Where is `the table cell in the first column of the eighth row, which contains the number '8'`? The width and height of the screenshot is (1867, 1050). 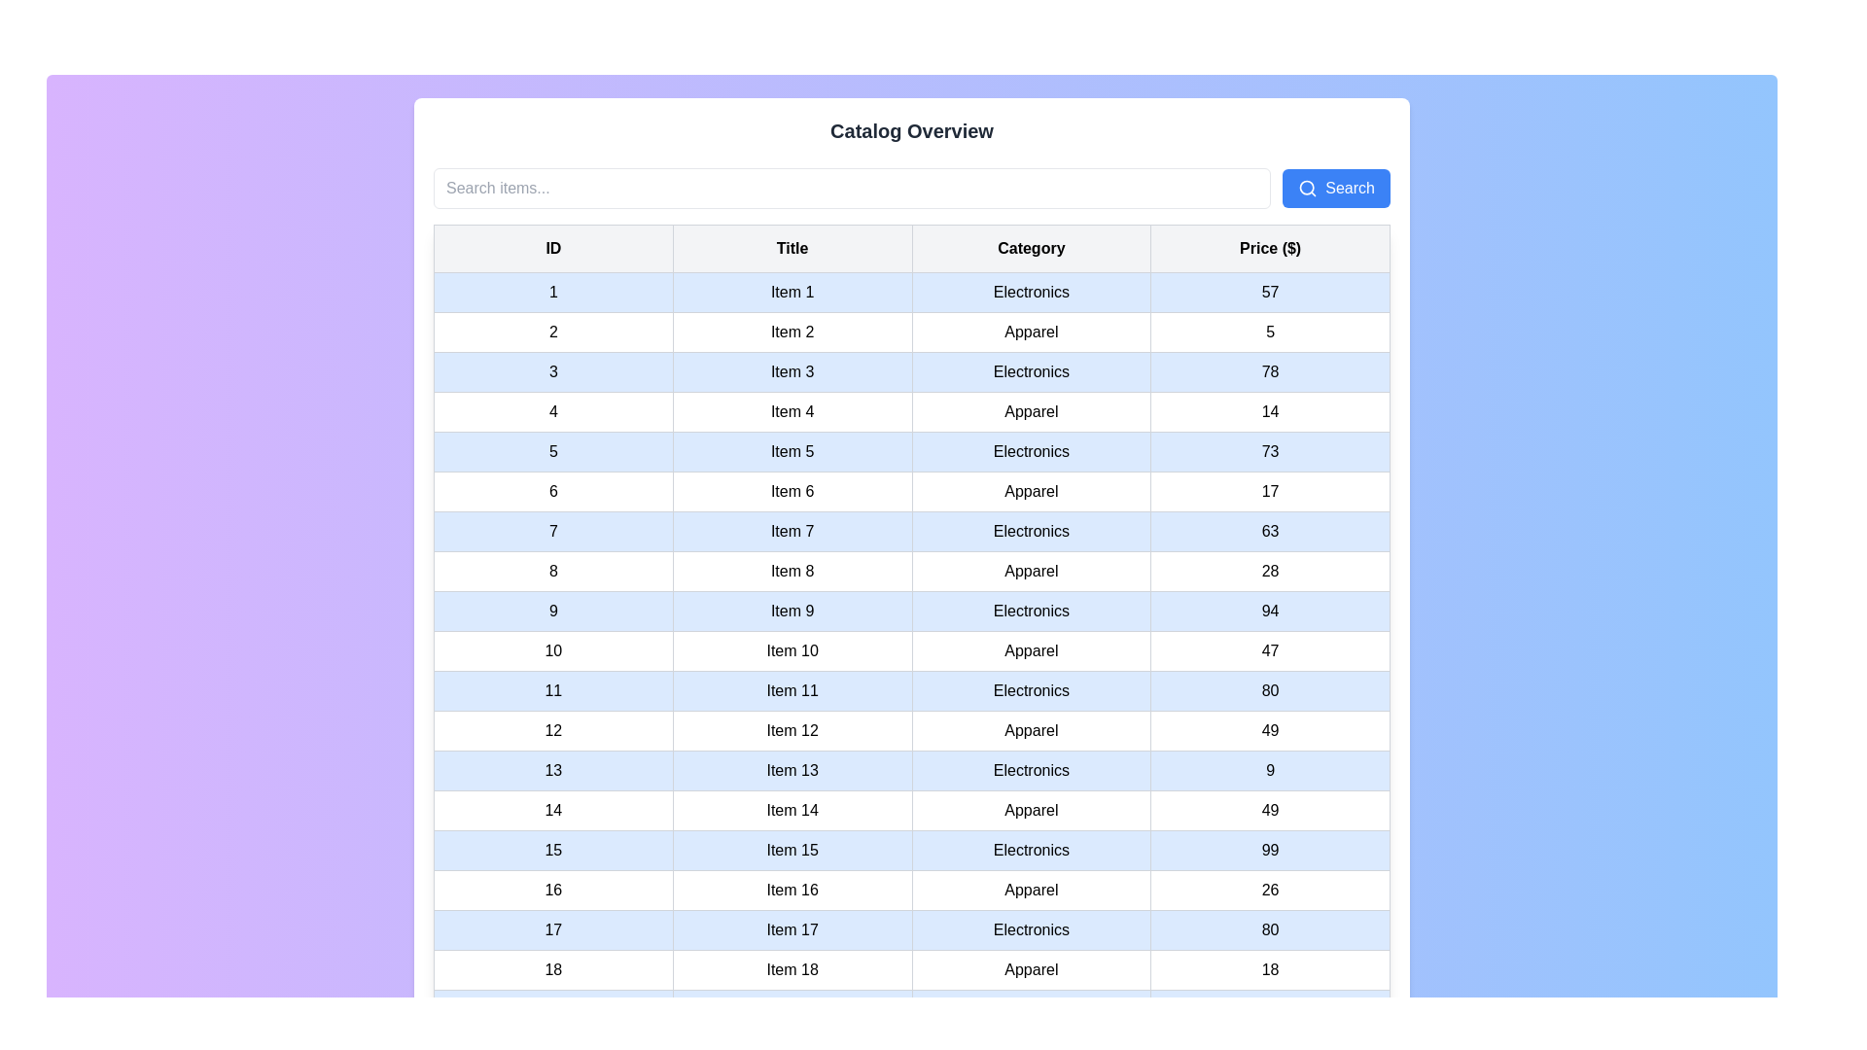 the table cell in the first column of the eighth row, which contains the number '8' is located at coordinates (552, 570).